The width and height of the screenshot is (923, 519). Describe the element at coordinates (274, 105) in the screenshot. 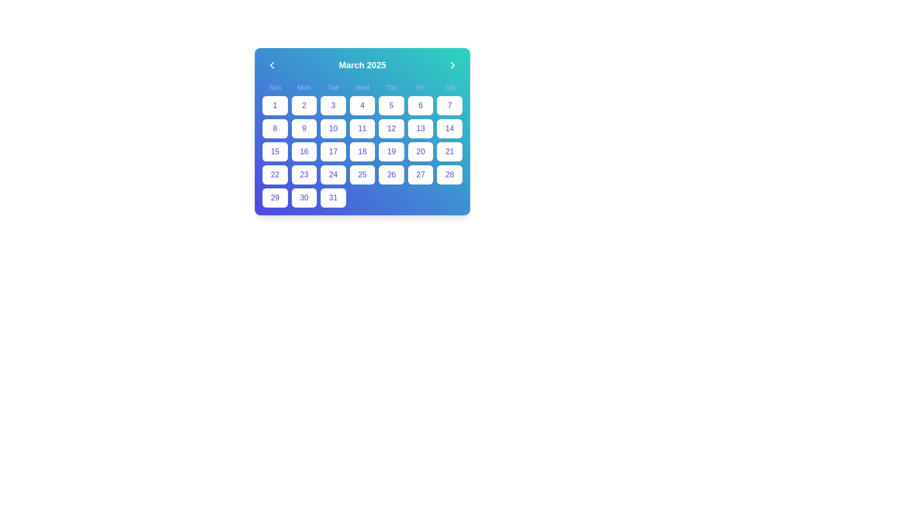

I see `the button labeled '1' located in the top-left cell of the calendar grid under the 'Sun' column for keyboard navigation` at that location.